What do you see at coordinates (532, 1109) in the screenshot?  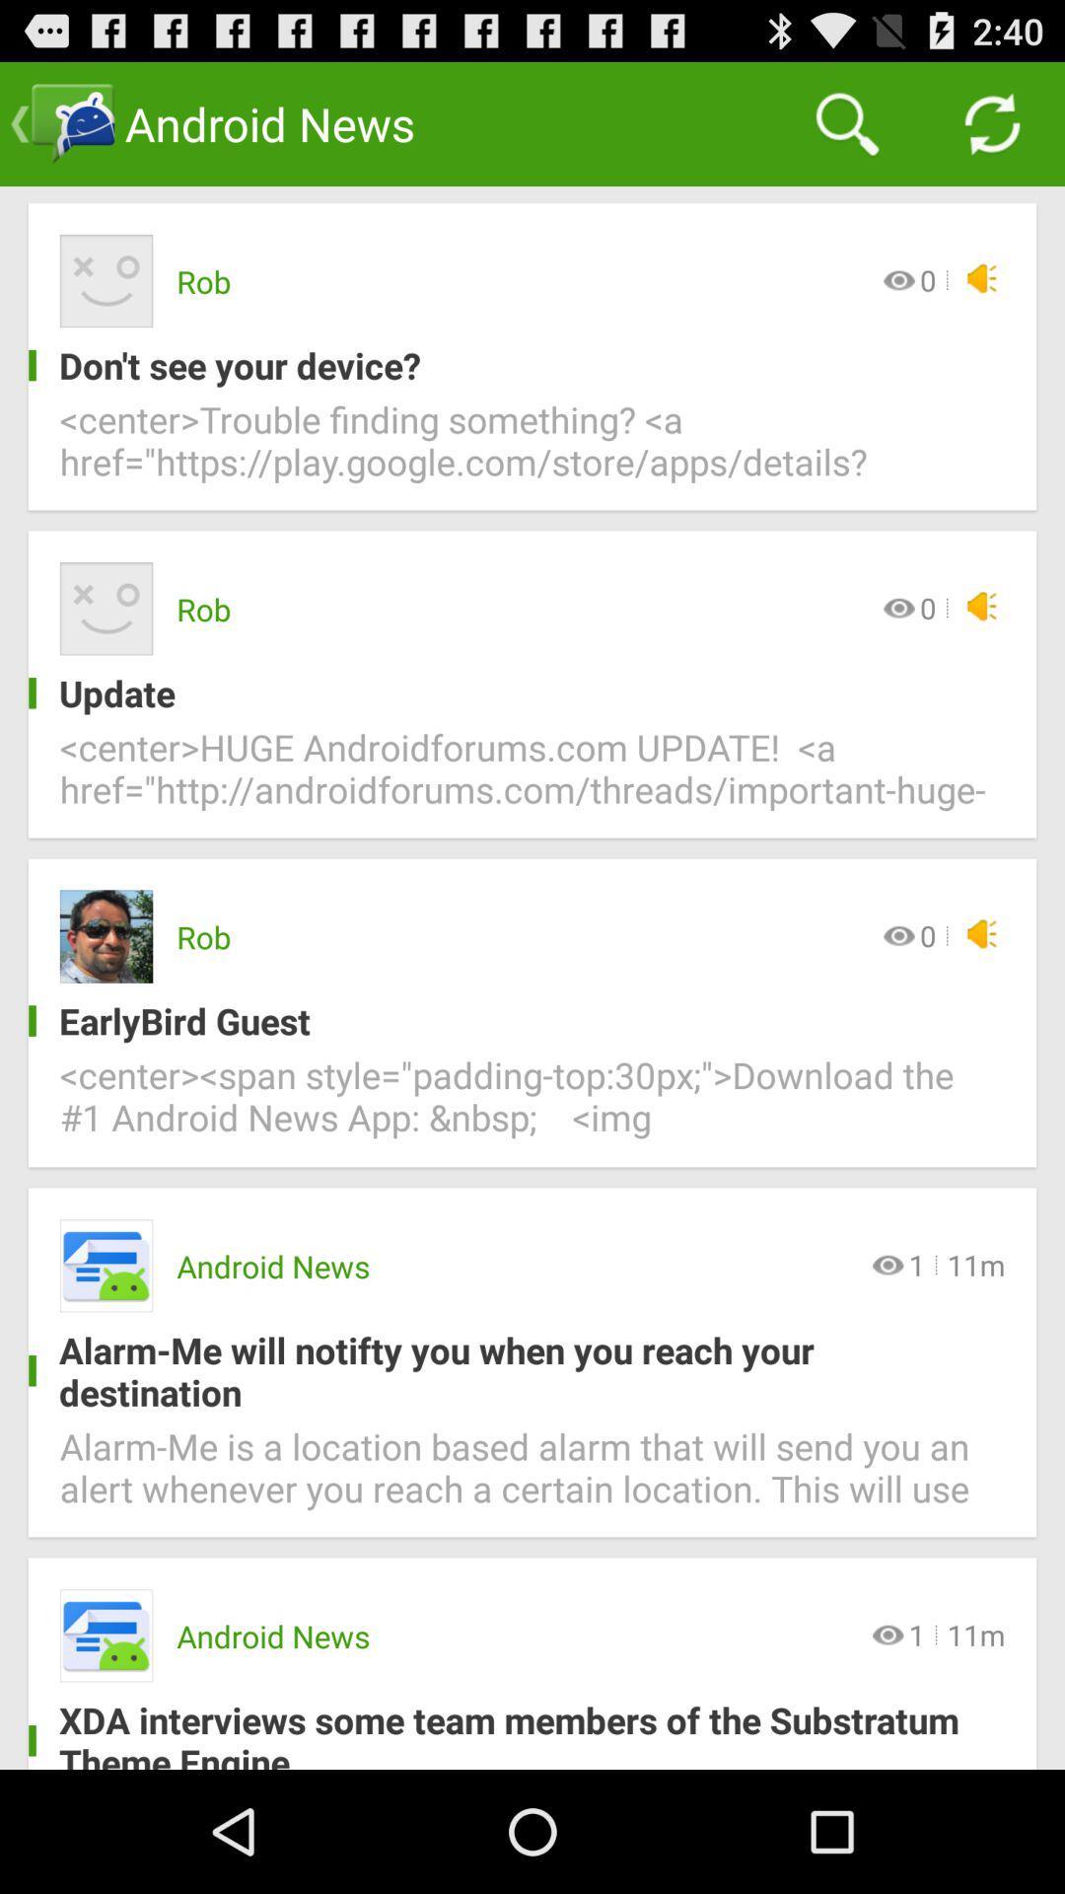 I see `center span style icon` at bounding box center [532, 1109].